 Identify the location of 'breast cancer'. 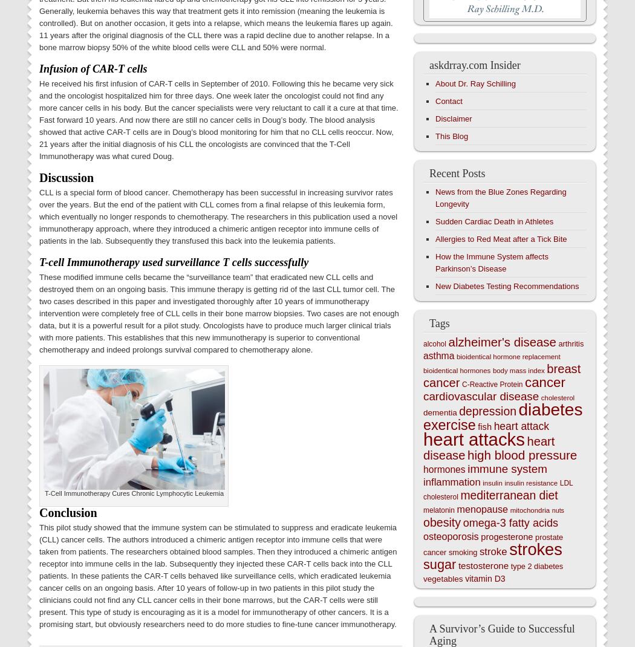
(502, 375).